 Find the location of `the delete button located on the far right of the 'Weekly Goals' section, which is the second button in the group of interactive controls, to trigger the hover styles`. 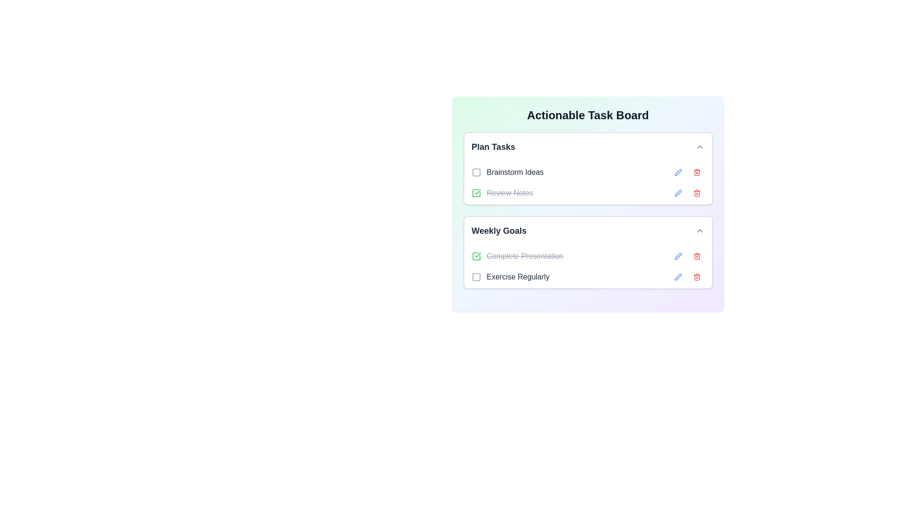

the delete button located on the far right of the 'Weekly Goals' section, which is the second button in the group of interactive controls, to trigger the hover styles is located at coordinates (697, 276).